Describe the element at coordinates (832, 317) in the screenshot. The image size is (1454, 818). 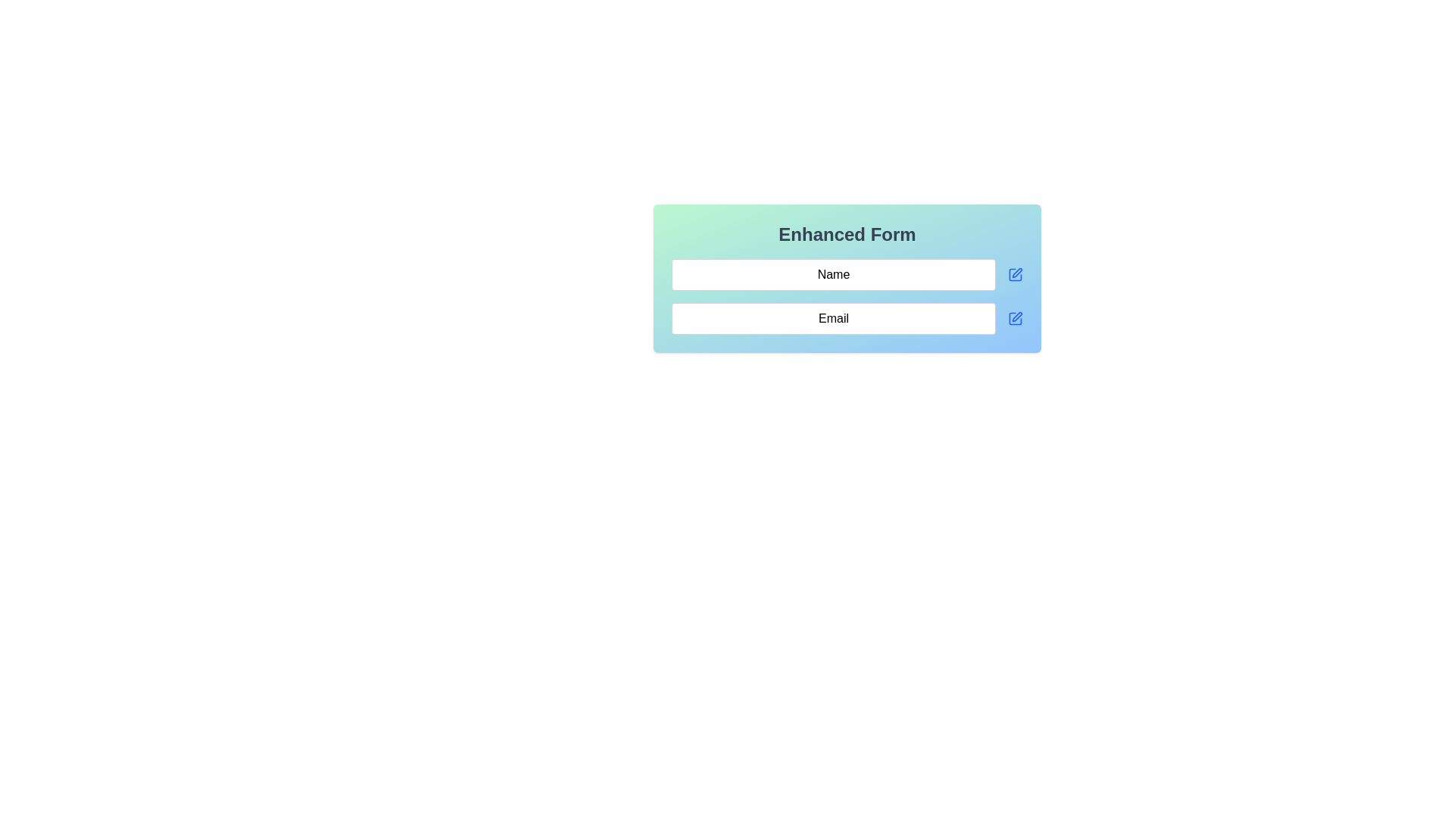
I see `on the 'Email' text input field, which is a rectangular area with a white background and a gray border, displaying the text 'Email'. It is located below the 'Name' field in the 'Enhanced Form'` at that location.